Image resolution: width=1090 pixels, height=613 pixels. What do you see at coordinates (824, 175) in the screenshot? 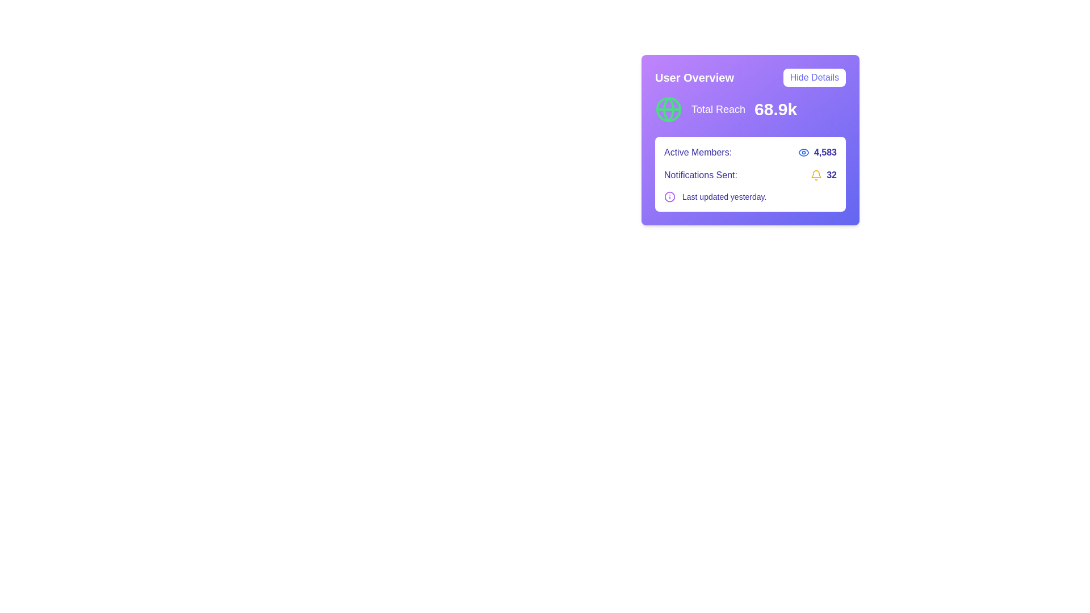
I see `the notification icon located in the 'Notifications Sent:' section, which is positioned to the left of the bold number '32'` at bounding box center [824, 175].